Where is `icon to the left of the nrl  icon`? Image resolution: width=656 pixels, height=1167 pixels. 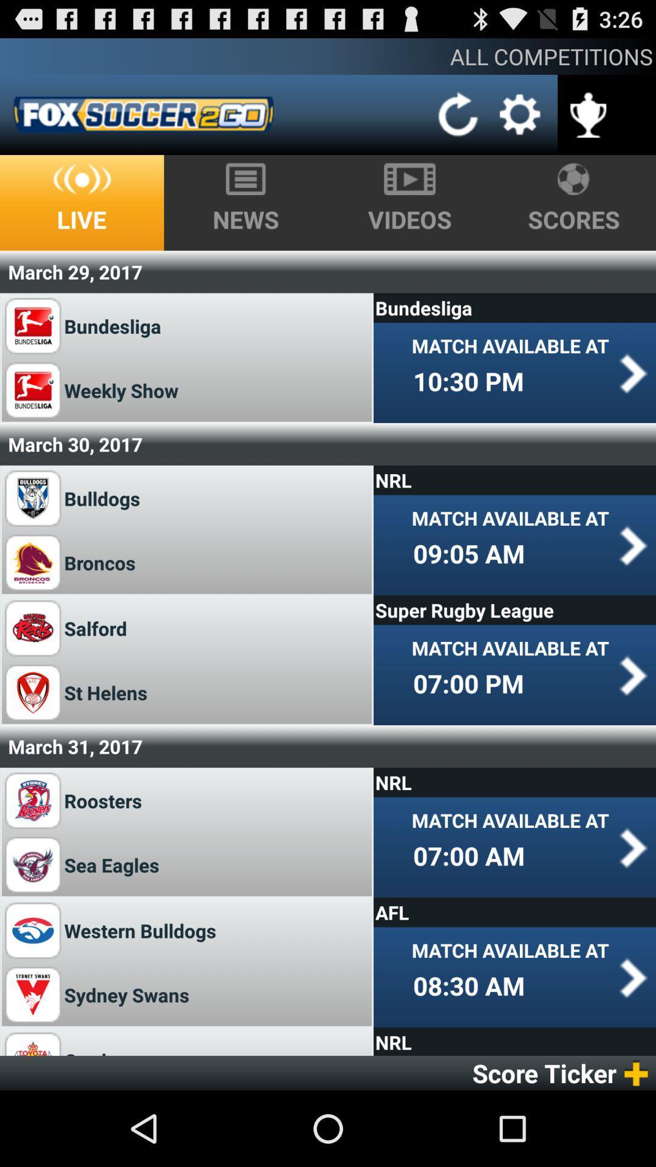 icon to the left of the nrl  icon is located at coordinates (102, 800).